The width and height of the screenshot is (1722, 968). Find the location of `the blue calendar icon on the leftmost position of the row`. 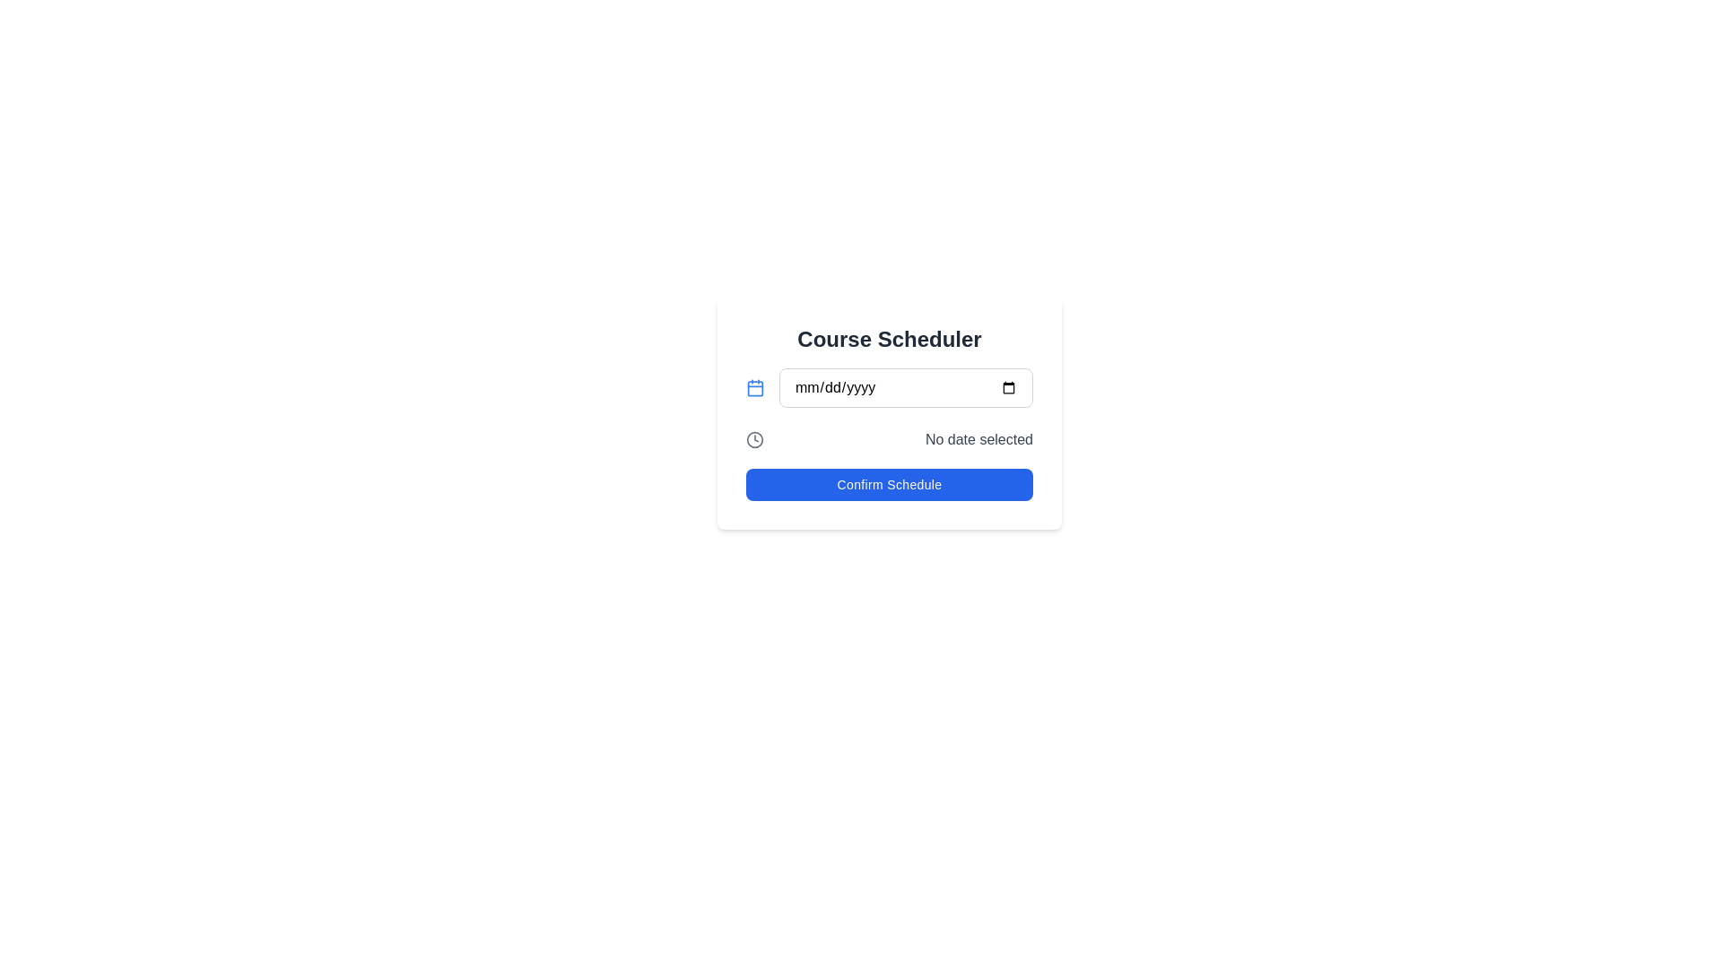

the blue calendar icon on the leftmost position of the row is located at coordinates (755, 386).